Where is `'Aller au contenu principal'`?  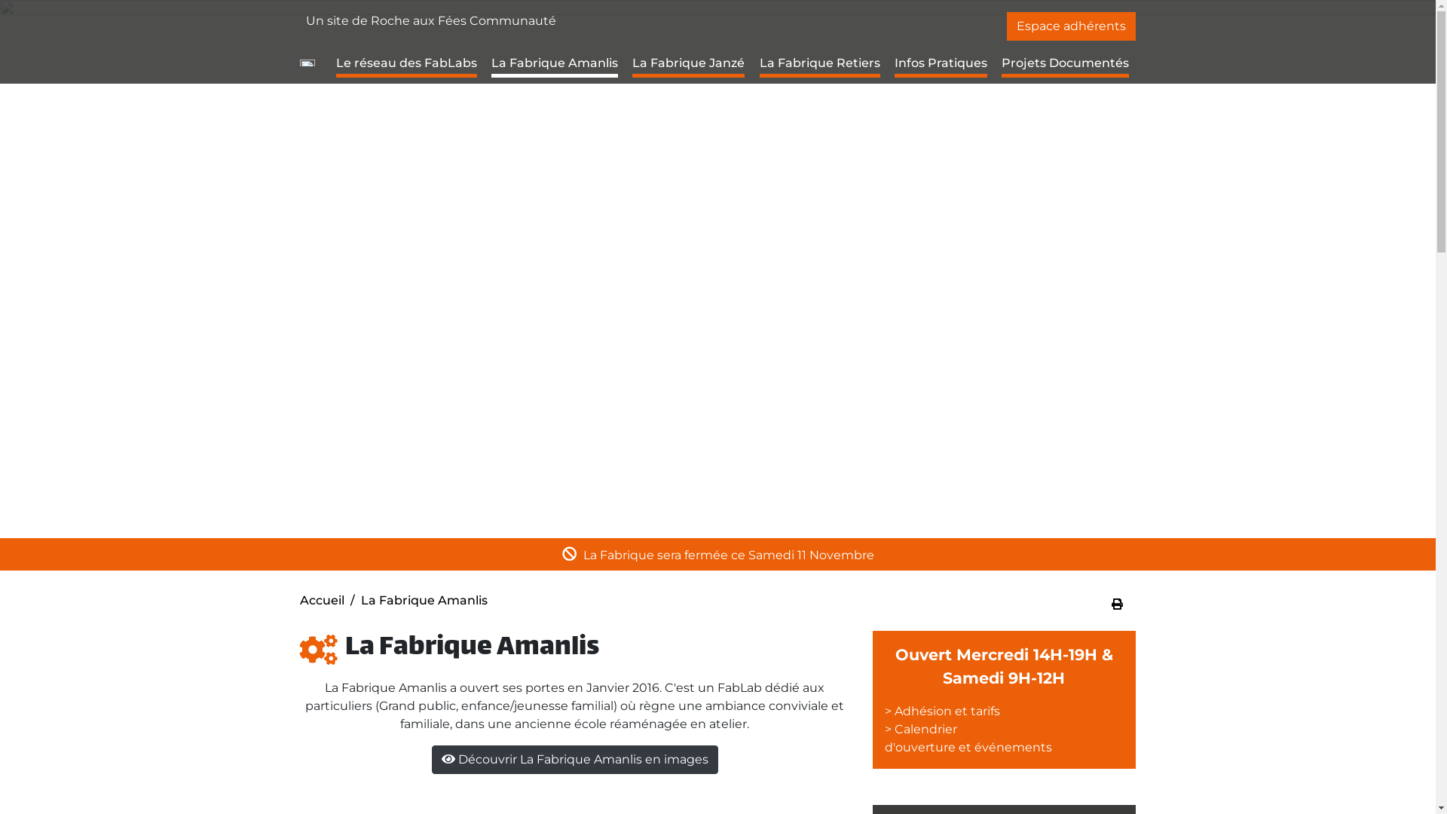
'Aller au contenu principal' is located at coordinates (716, 1).